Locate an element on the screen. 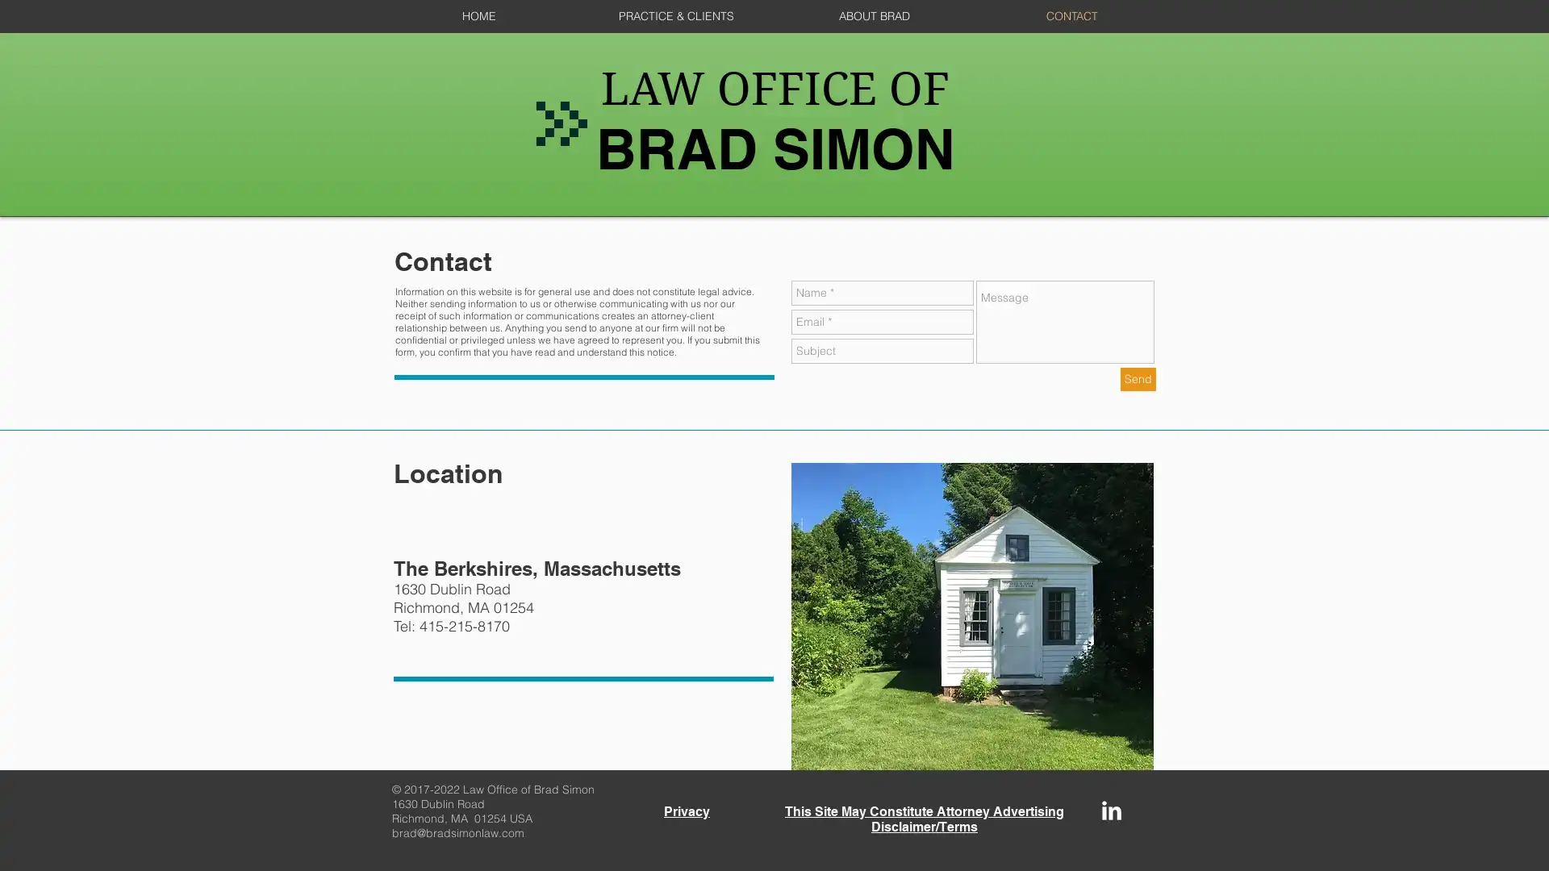  Send is located at coordinates (1138, 379).